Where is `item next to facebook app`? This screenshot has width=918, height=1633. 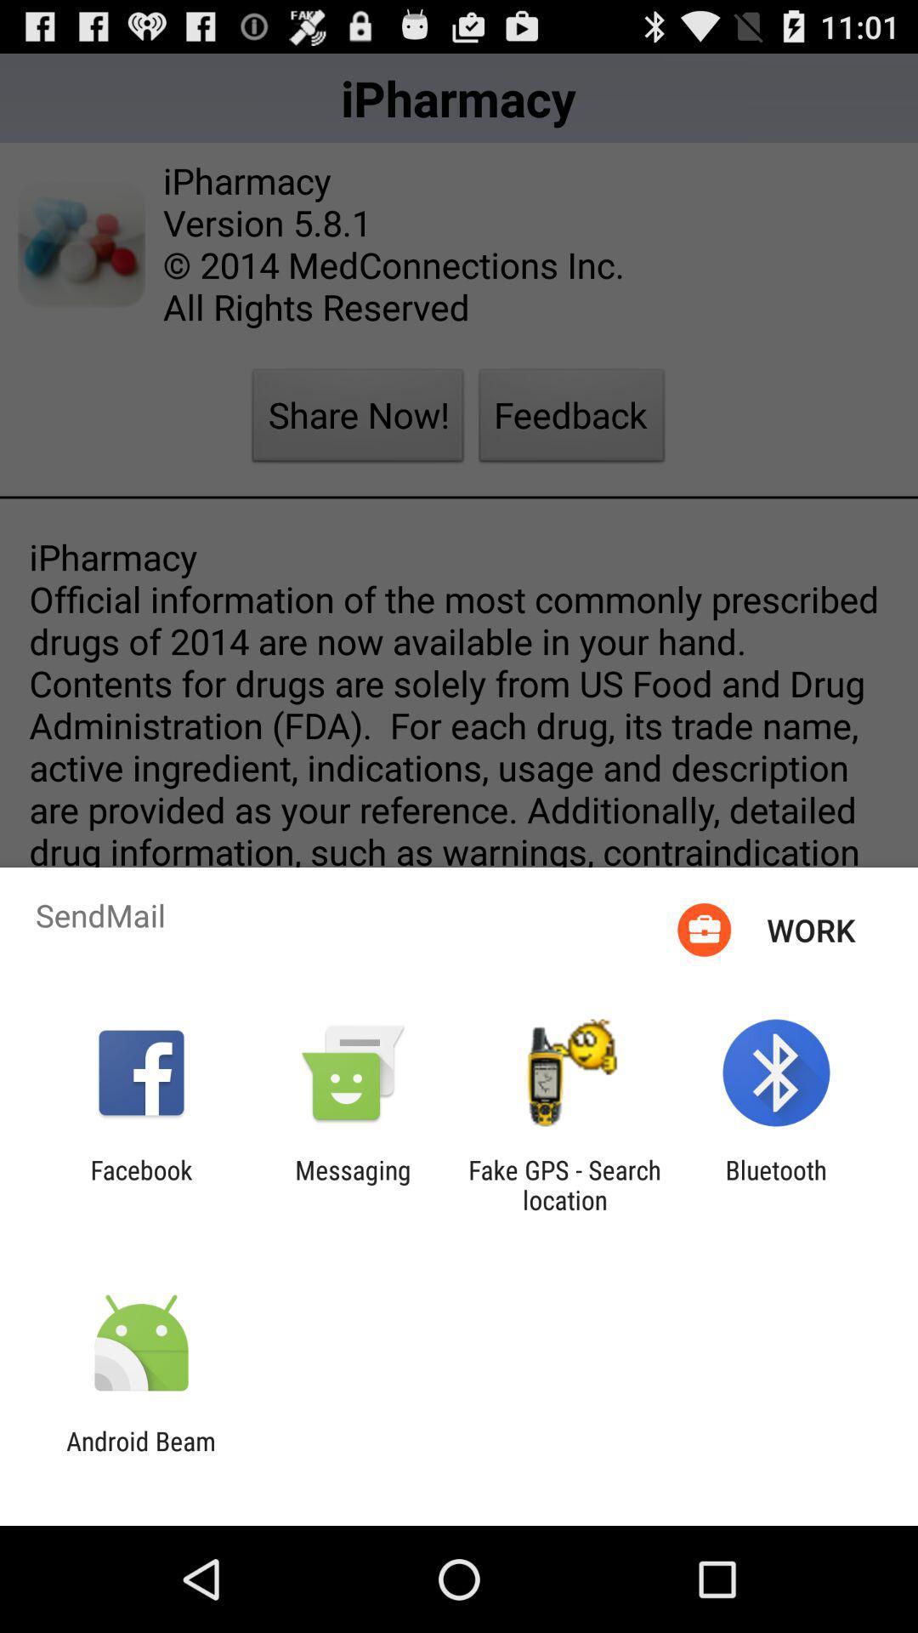
item next to facebook app is located at coordinates (352, 1184).